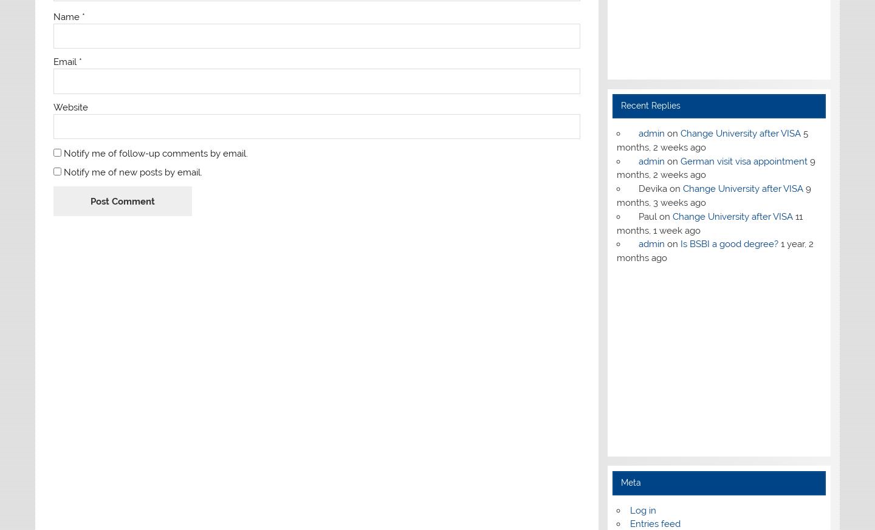 The image size is (875, 530). Describe the element at coordinates (63, 152) in the screenshot. I see `'Notify me of follow-up comments by email.'` at that location.